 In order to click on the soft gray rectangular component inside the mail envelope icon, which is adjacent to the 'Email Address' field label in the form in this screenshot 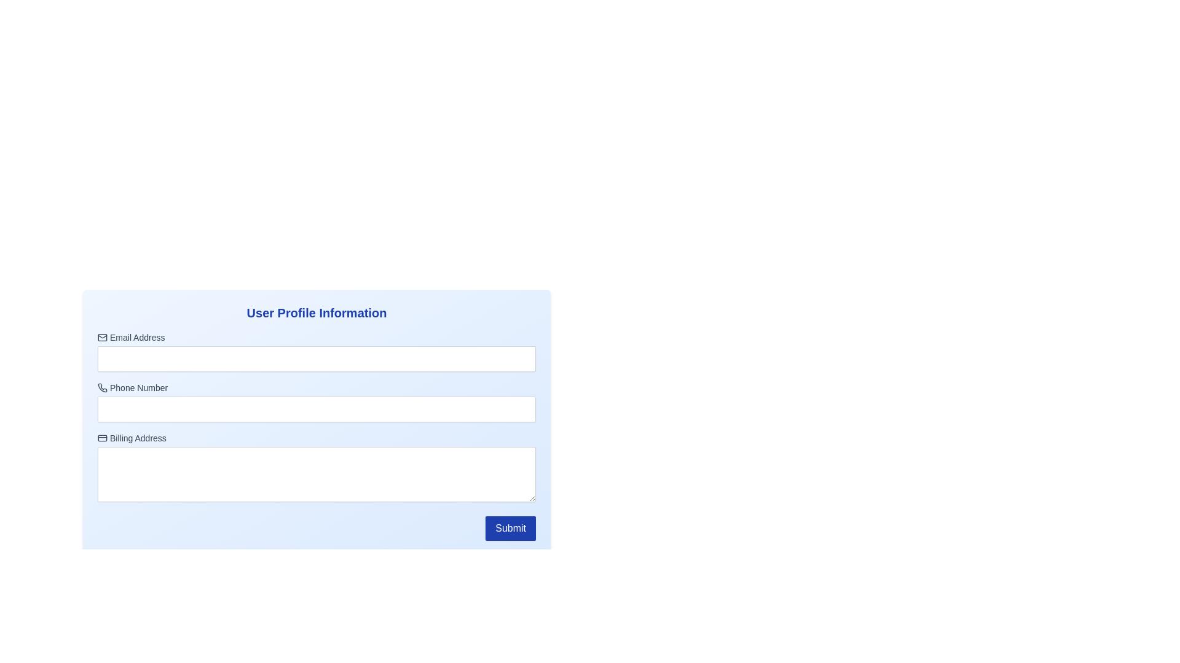, I will do `click(103, 338)`.